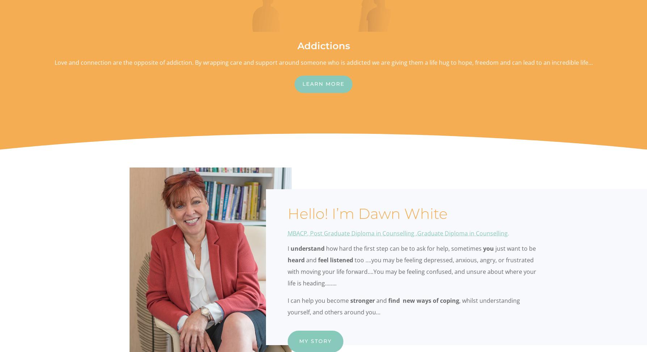  I want to click on 'find  new ways of coping', so click(423, 300).